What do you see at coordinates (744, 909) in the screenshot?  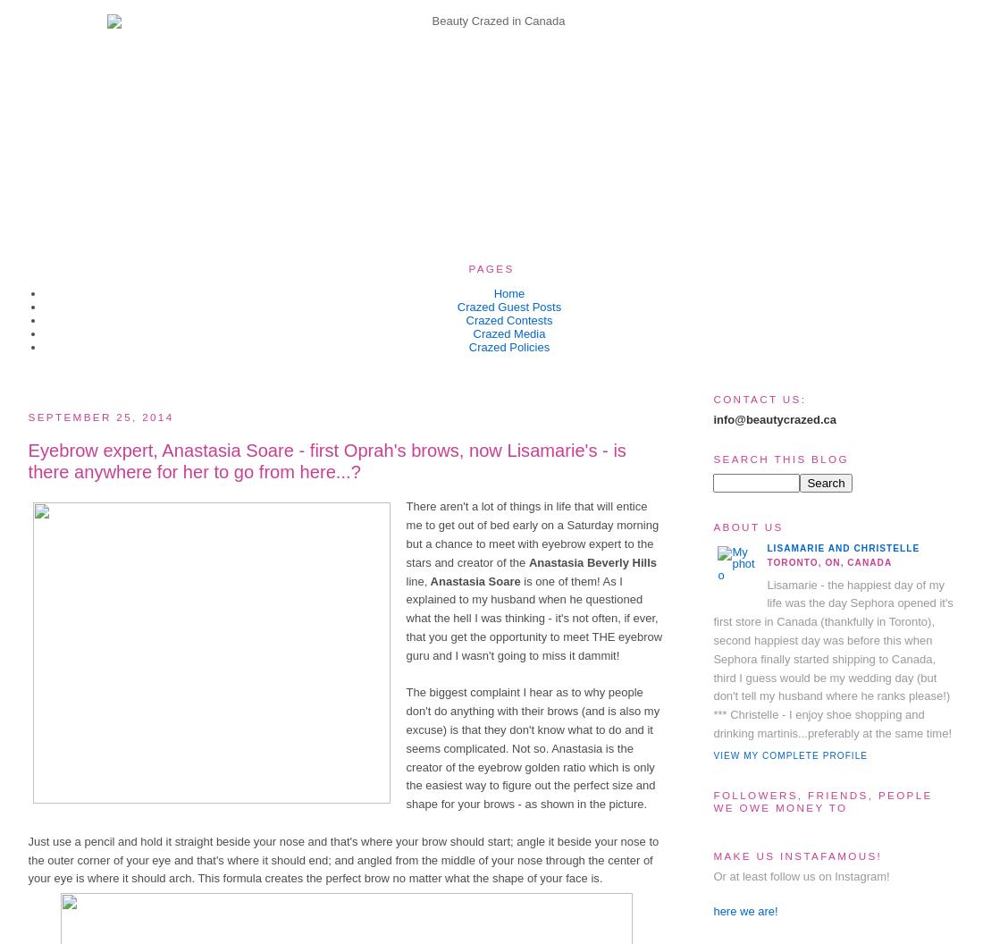 I see `'here we are!'` at bounding box center [744, 909].